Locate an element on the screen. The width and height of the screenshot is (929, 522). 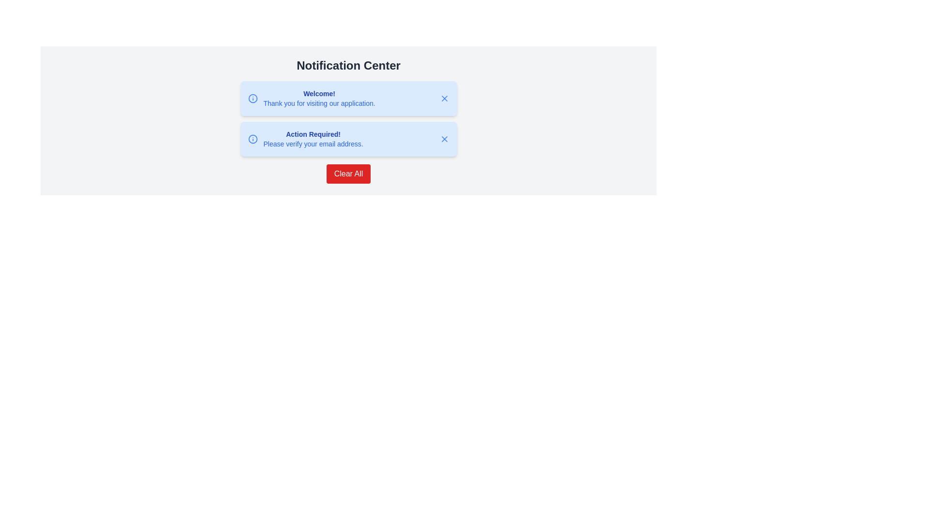
the Close or dismiss icon, which is part of the SVG graphic embedded in the notification card located on the right side, next to the text 'Welcome!' is located at coordinates (444, 99).